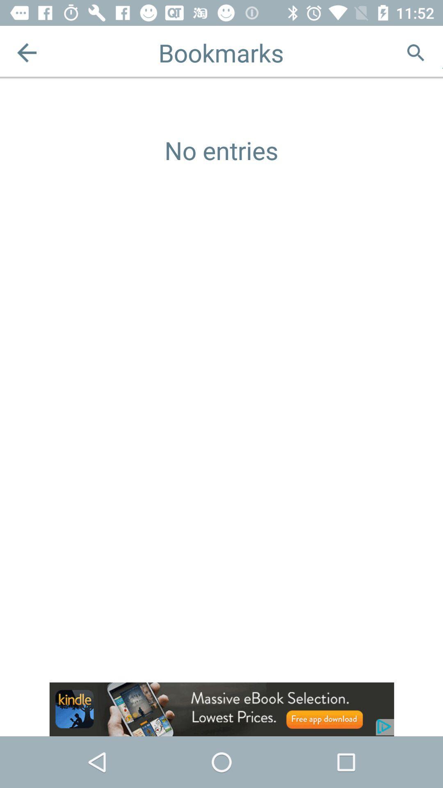 This screenshot has height=788, width=443. Describe the element at coordinates (26, 52) in the screenshot. I see `go back` at that location.